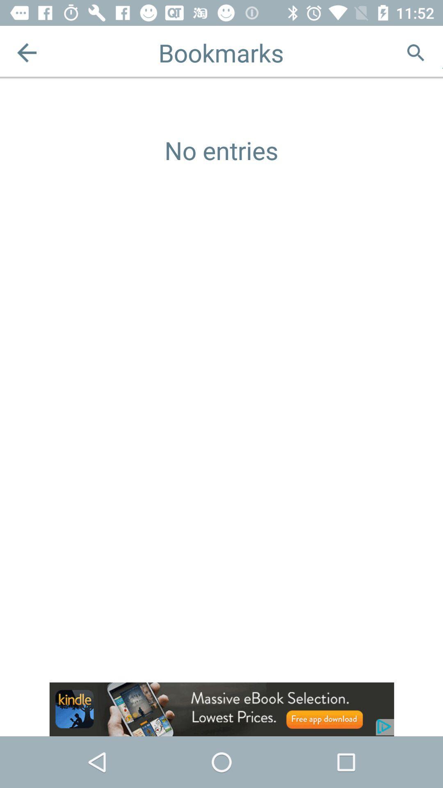 This screenshot has height=788, width=443. Describe the element at coordinates (26, 52) in the screenshot. I see `go back` at that location.